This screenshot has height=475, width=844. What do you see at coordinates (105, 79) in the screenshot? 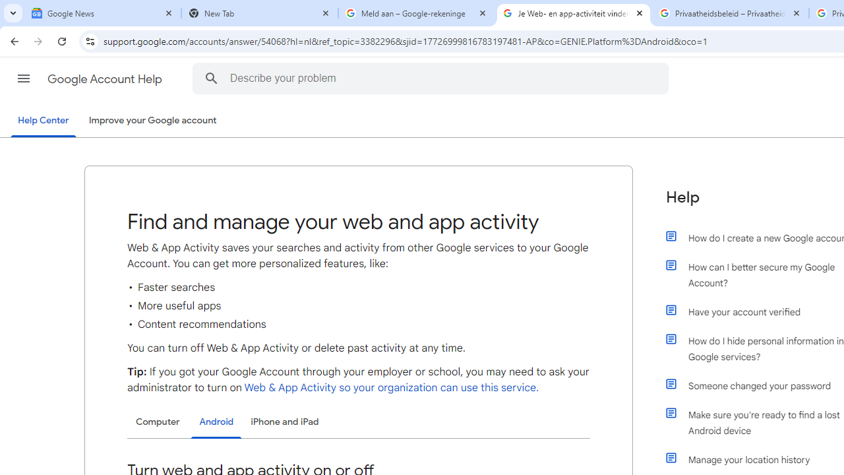
I see `'Google Account Help'` at bounding box center [105, 79].